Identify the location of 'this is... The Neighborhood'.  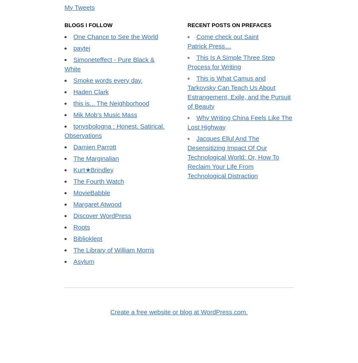
(111, 172).